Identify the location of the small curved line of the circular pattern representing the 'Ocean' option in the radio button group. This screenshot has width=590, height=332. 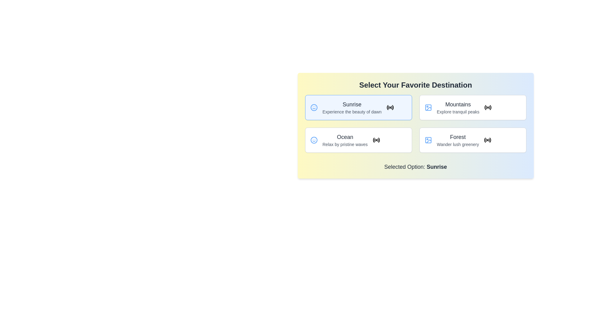
(374, 140).